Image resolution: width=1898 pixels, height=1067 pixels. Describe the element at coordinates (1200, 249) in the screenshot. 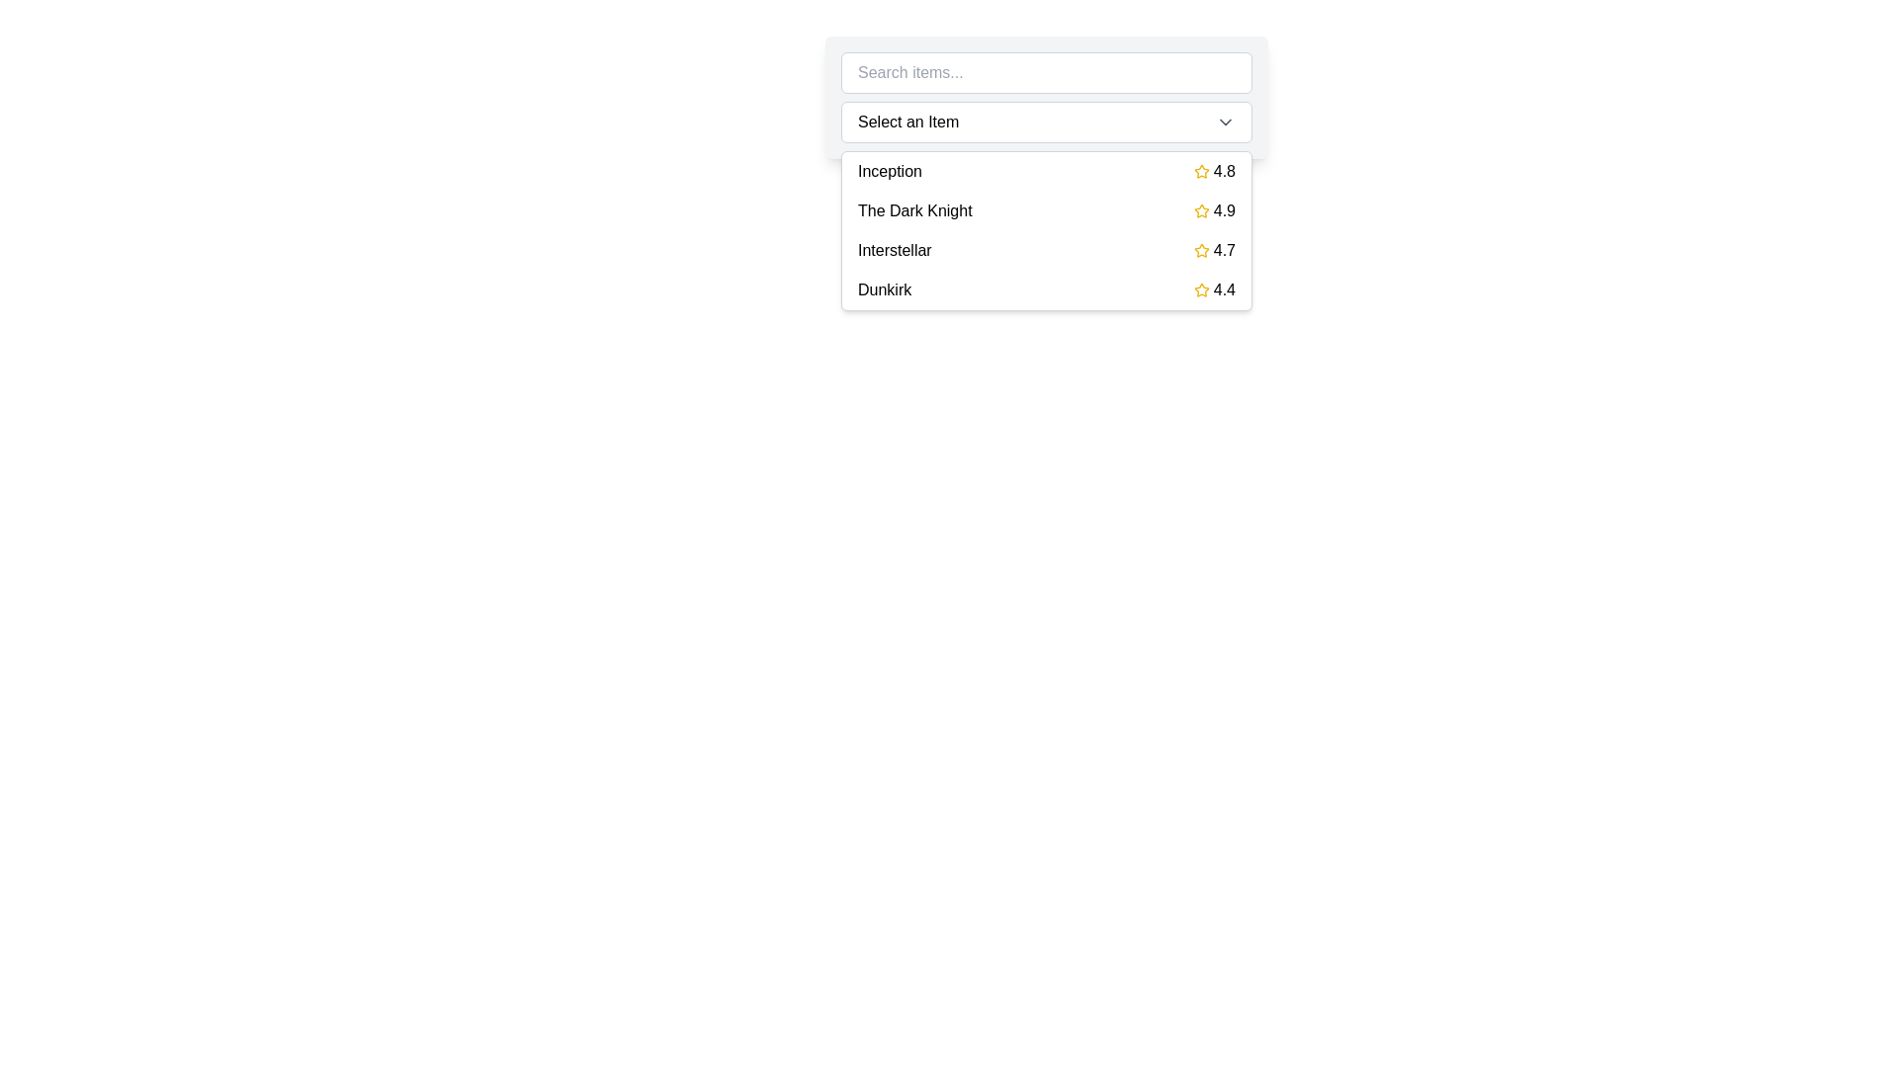

I see `the rating icon located beside the text label 'Interstellar' in the third row of the dropdown list` at that location.